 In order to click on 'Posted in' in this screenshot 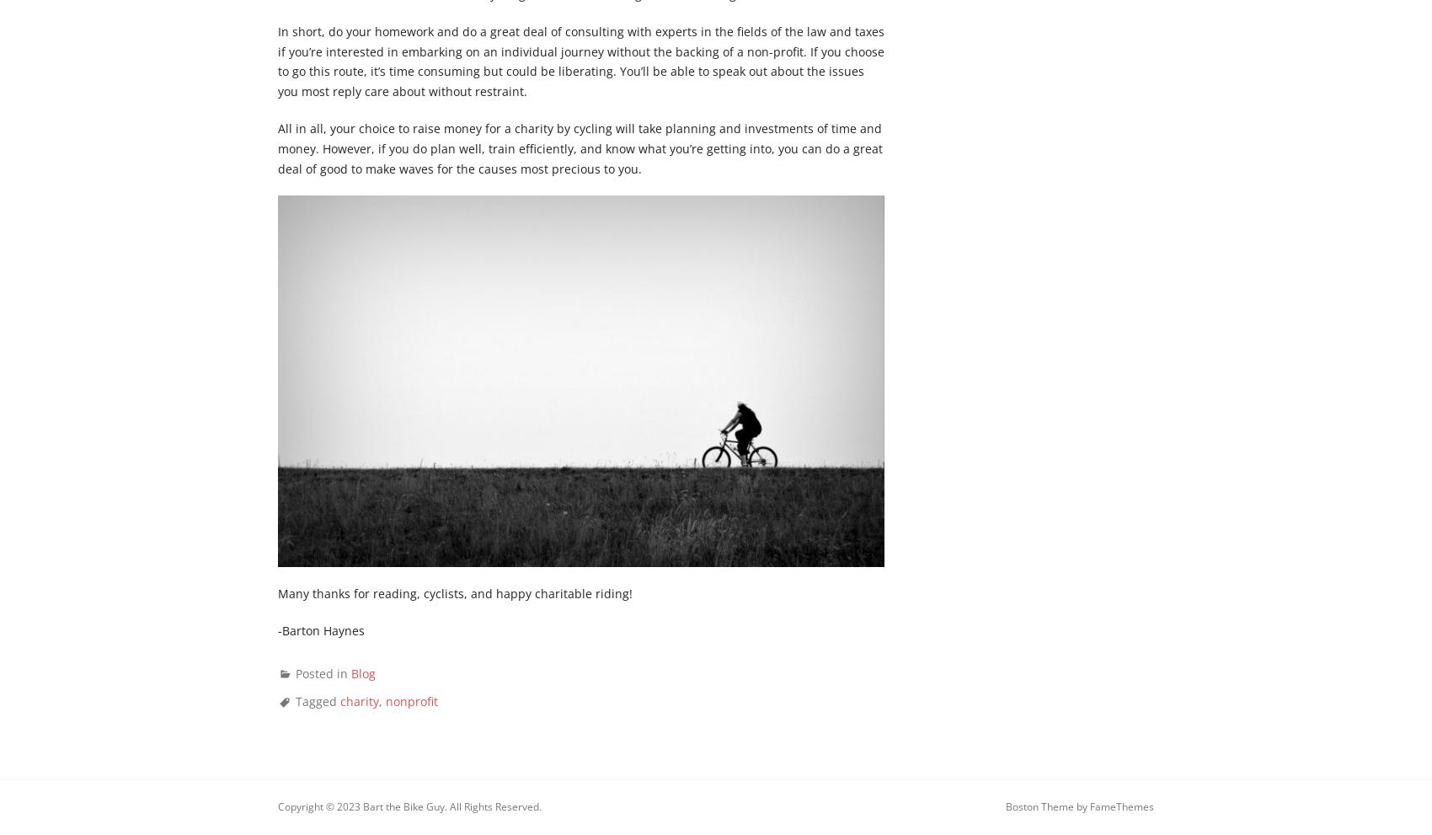, I will do `click(323, 672)`.